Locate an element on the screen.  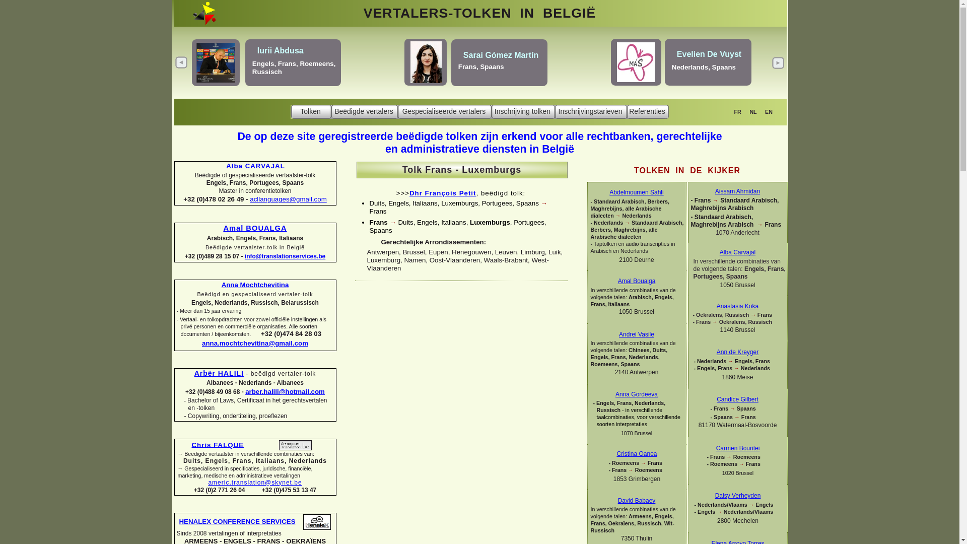
'FR' is located at coordinates (737, 112).